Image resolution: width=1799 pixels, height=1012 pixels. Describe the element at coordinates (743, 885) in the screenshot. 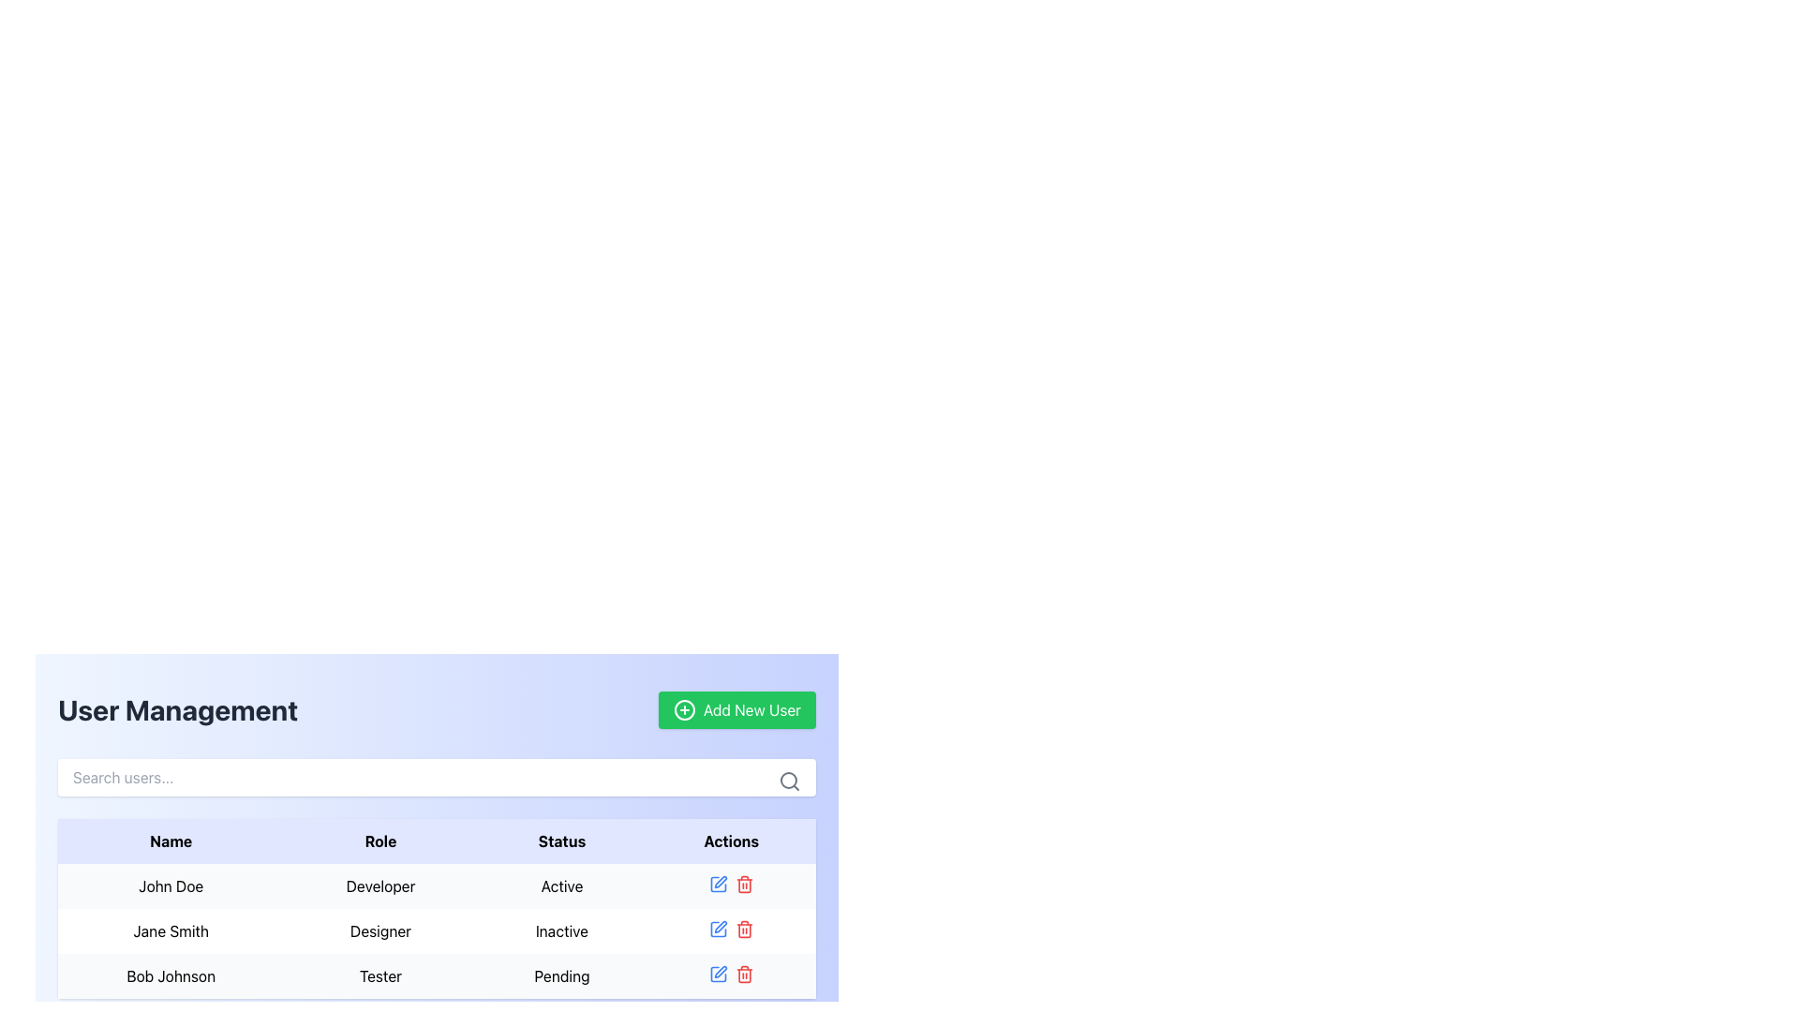

I see `the trashcan delete icon in the 'Actions' column of the user management table` at that location.